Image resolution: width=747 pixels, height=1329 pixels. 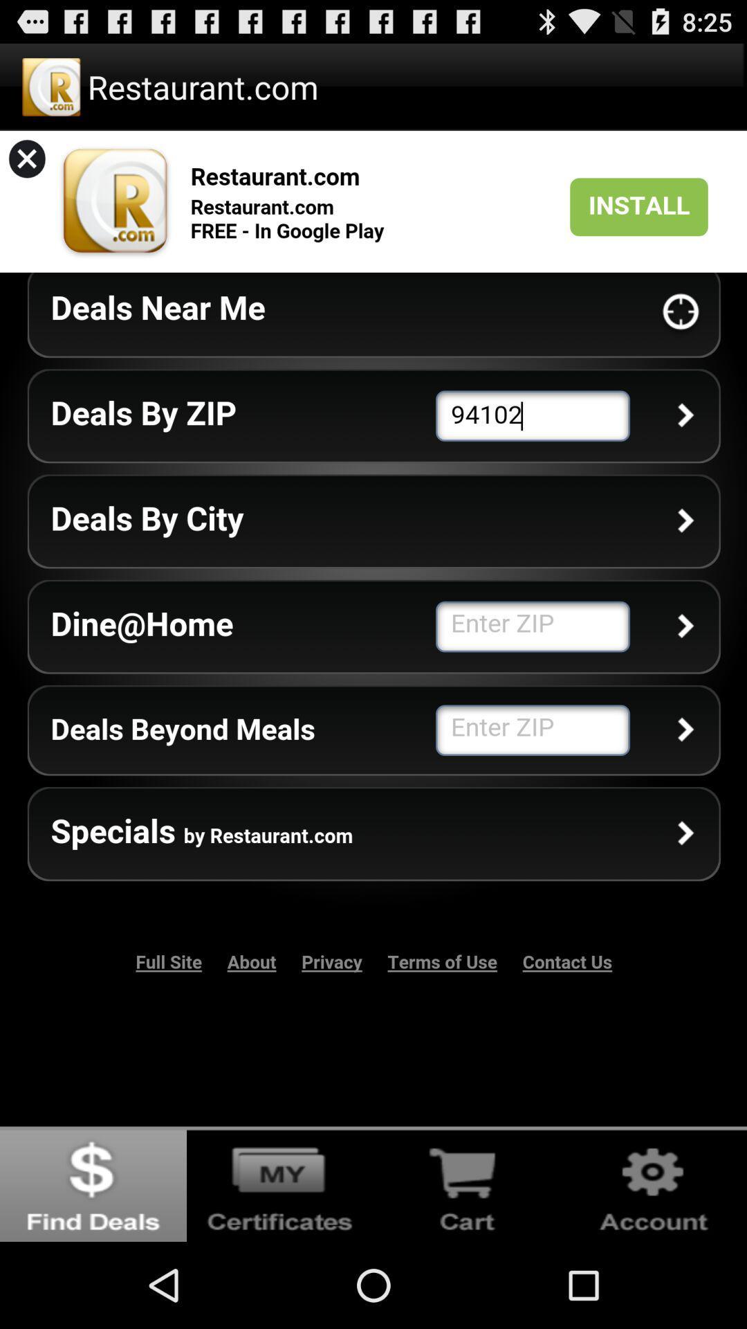 What do you see at coordinates (654, 1183) in the screenshot?
I see `account` at bounding box center [654, 1183].